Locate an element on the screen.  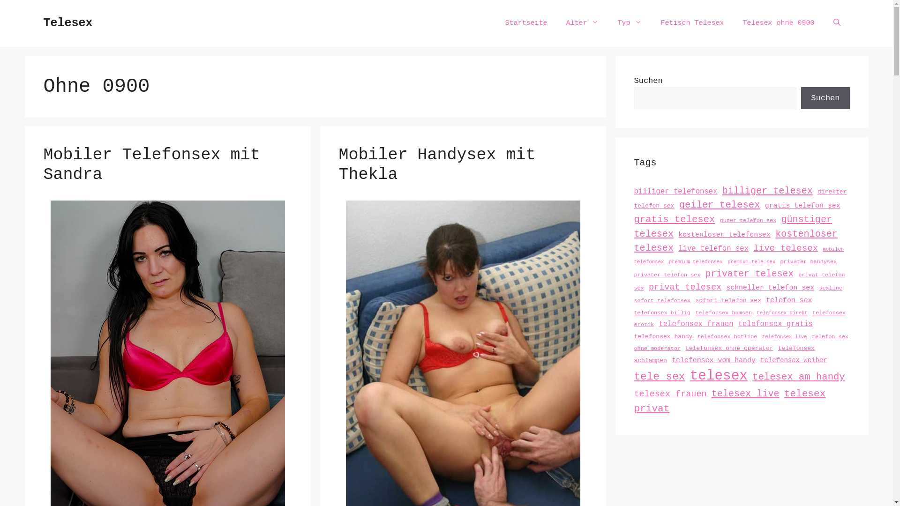
'premium tele sex' is located at coordinates (751, 262).